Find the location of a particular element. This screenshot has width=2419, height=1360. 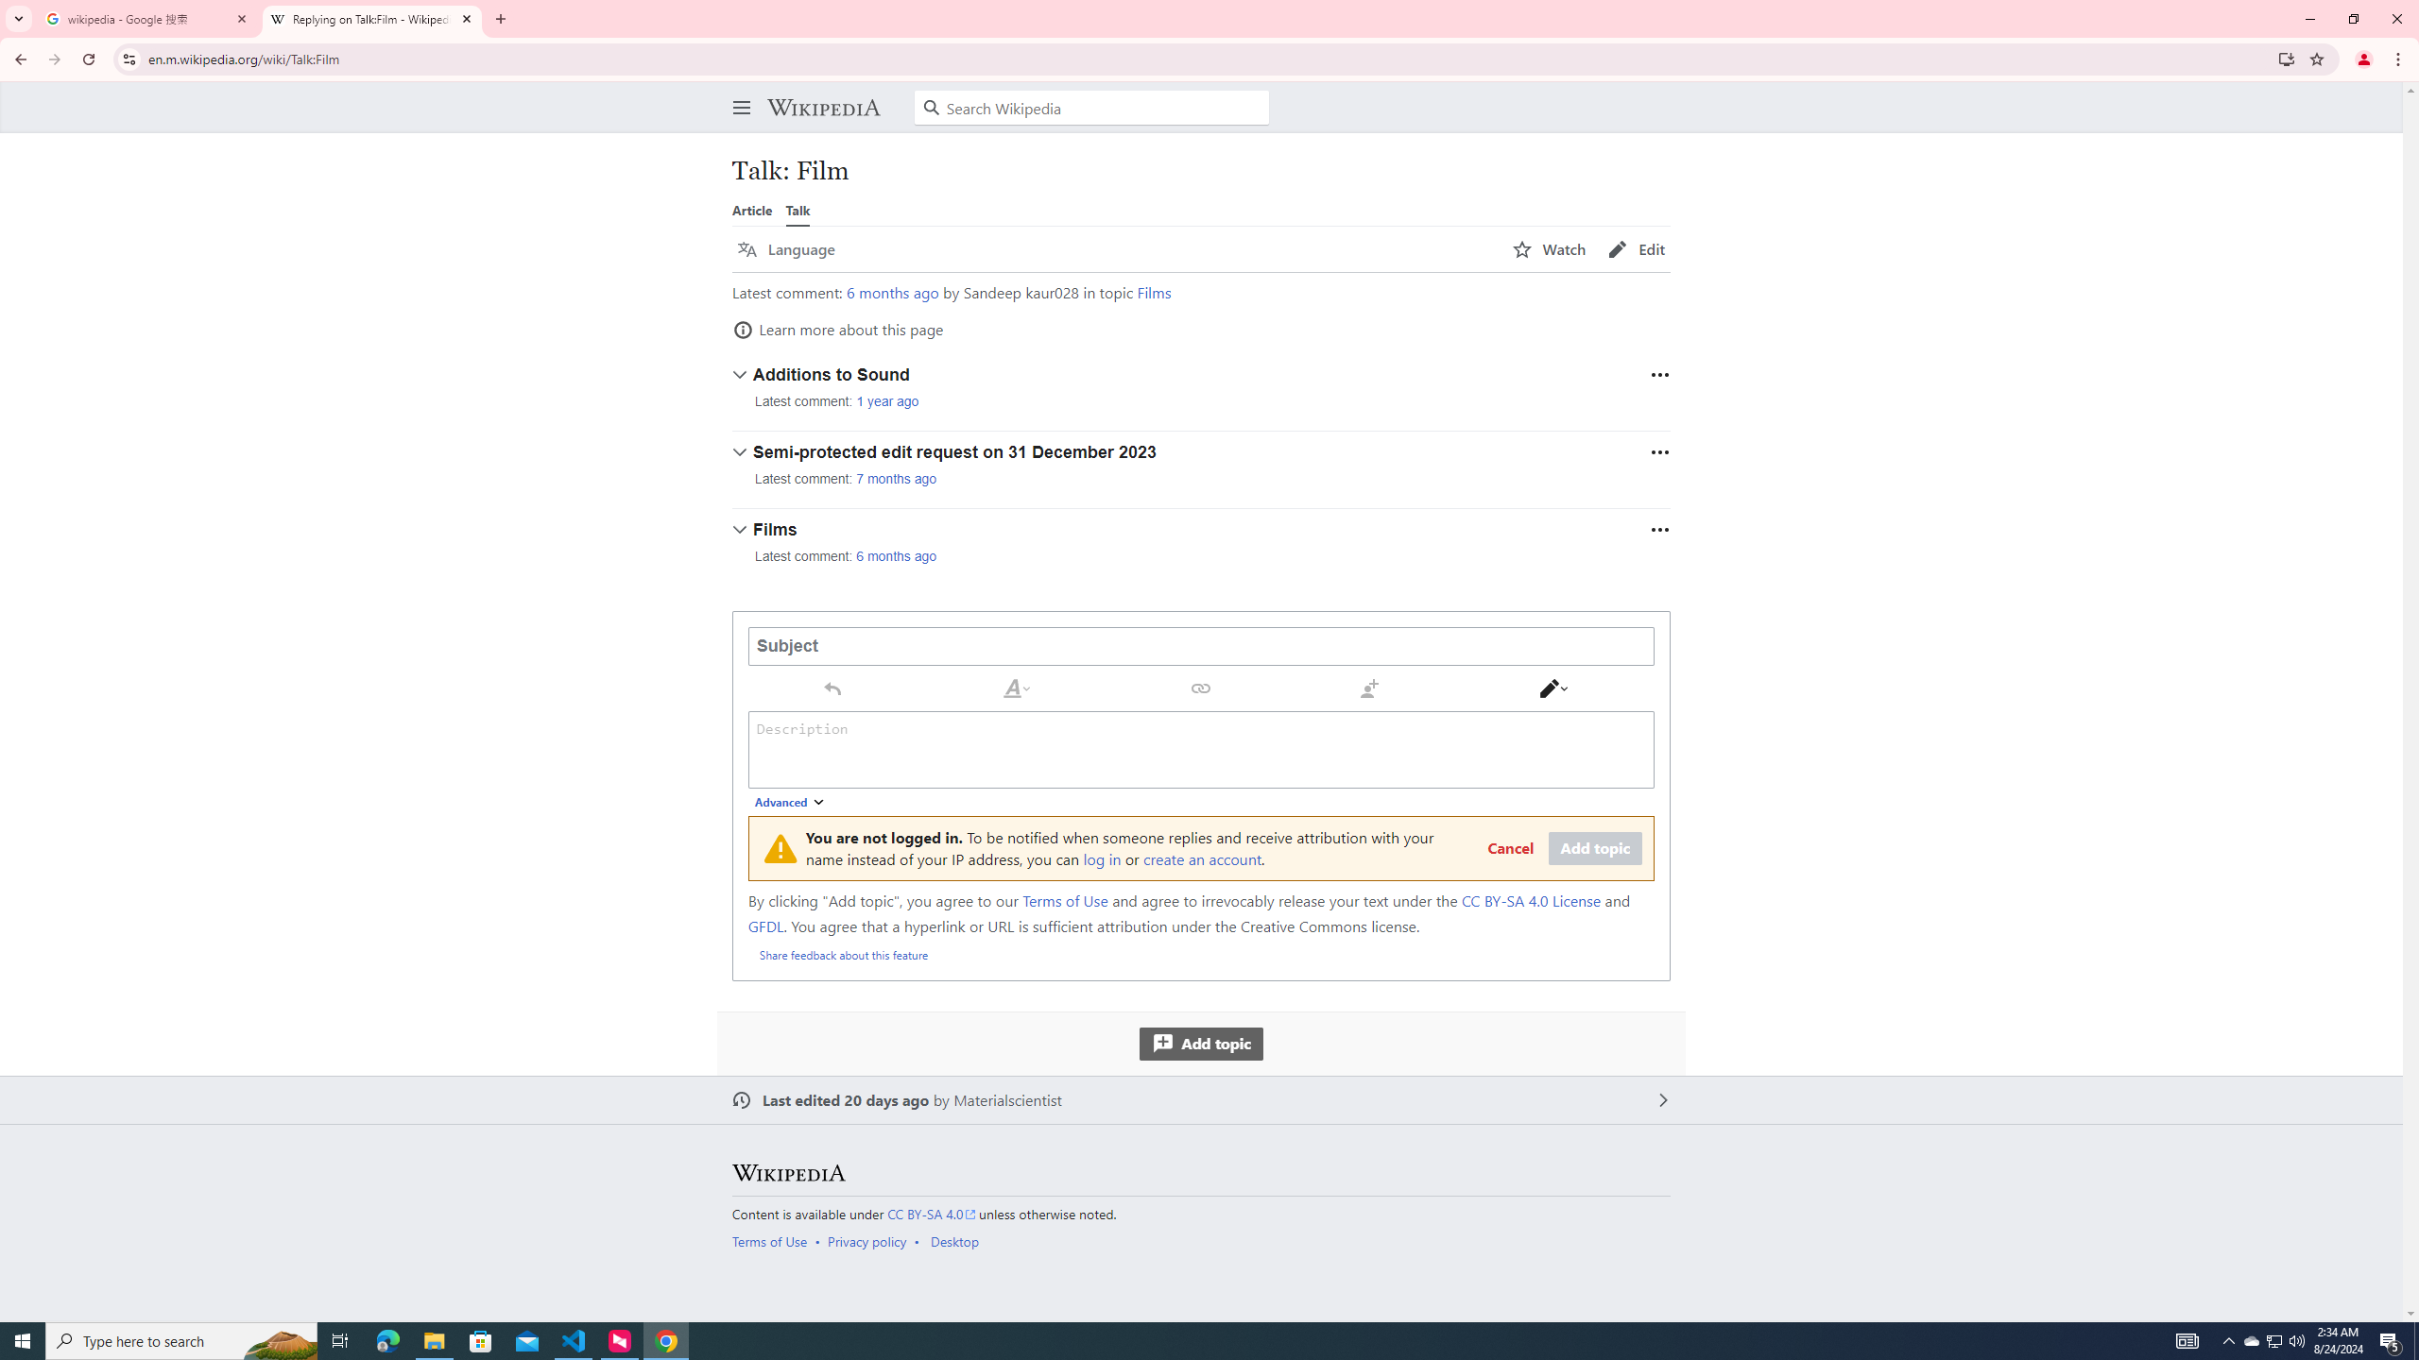

'Learn more about this page' is located at coordinates (837, 329).